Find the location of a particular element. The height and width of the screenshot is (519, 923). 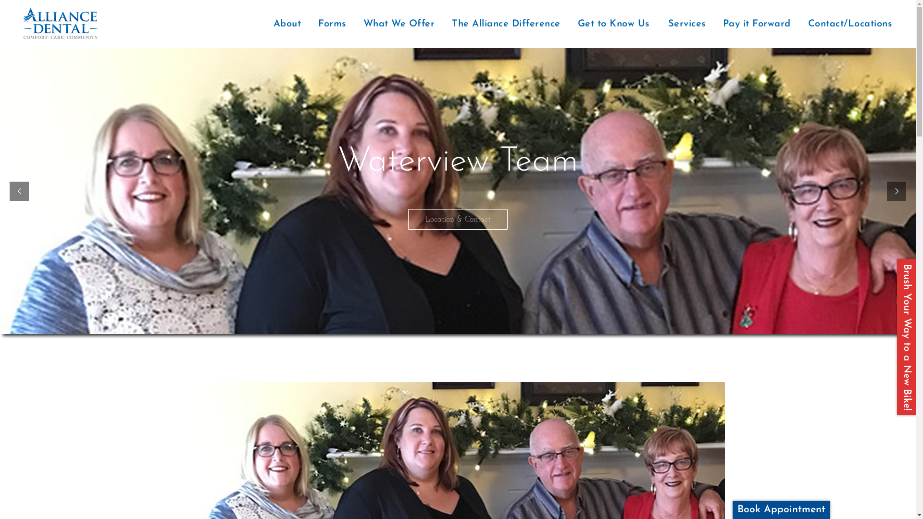

'Forms' is located at coordinates (332, 24).